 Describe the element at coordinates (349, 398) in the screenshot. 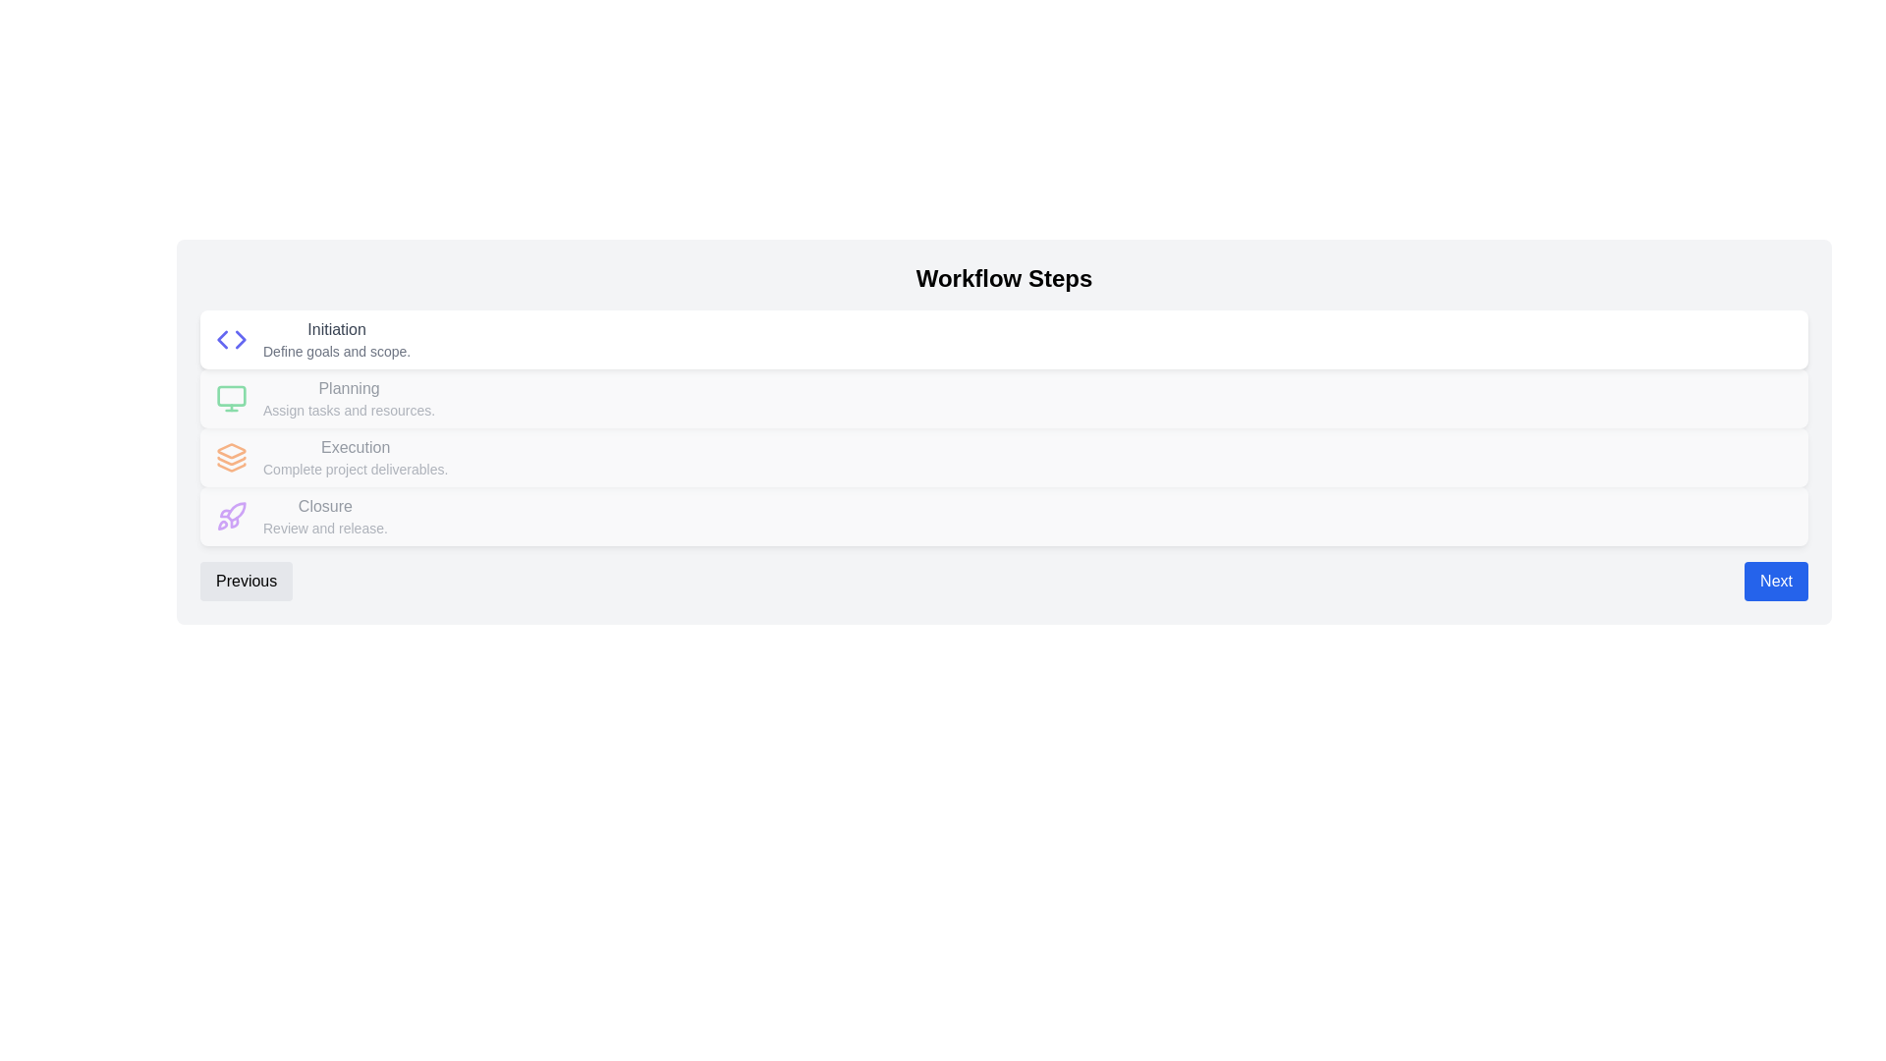

I see `the Informational Text Block indicating the 'Planning' step to navigate to adjacent elements in the workflow` at that location.